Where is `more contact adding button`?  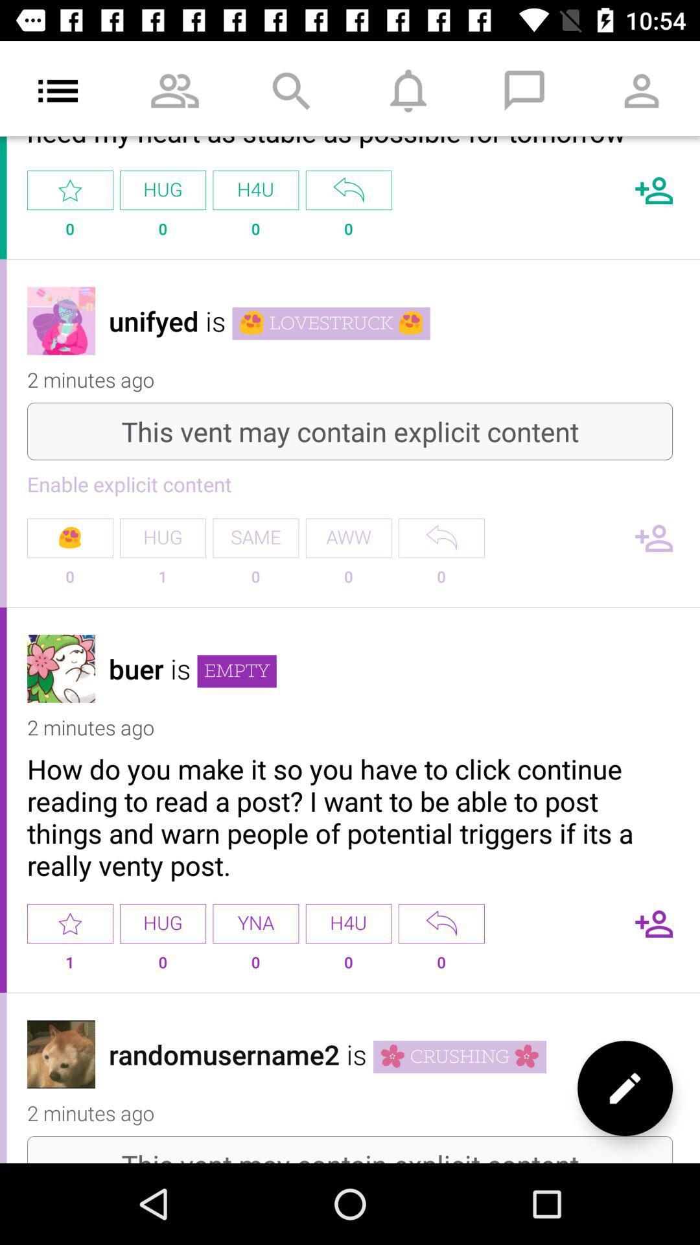 more contact adding button is located at coordinates (654, 189).